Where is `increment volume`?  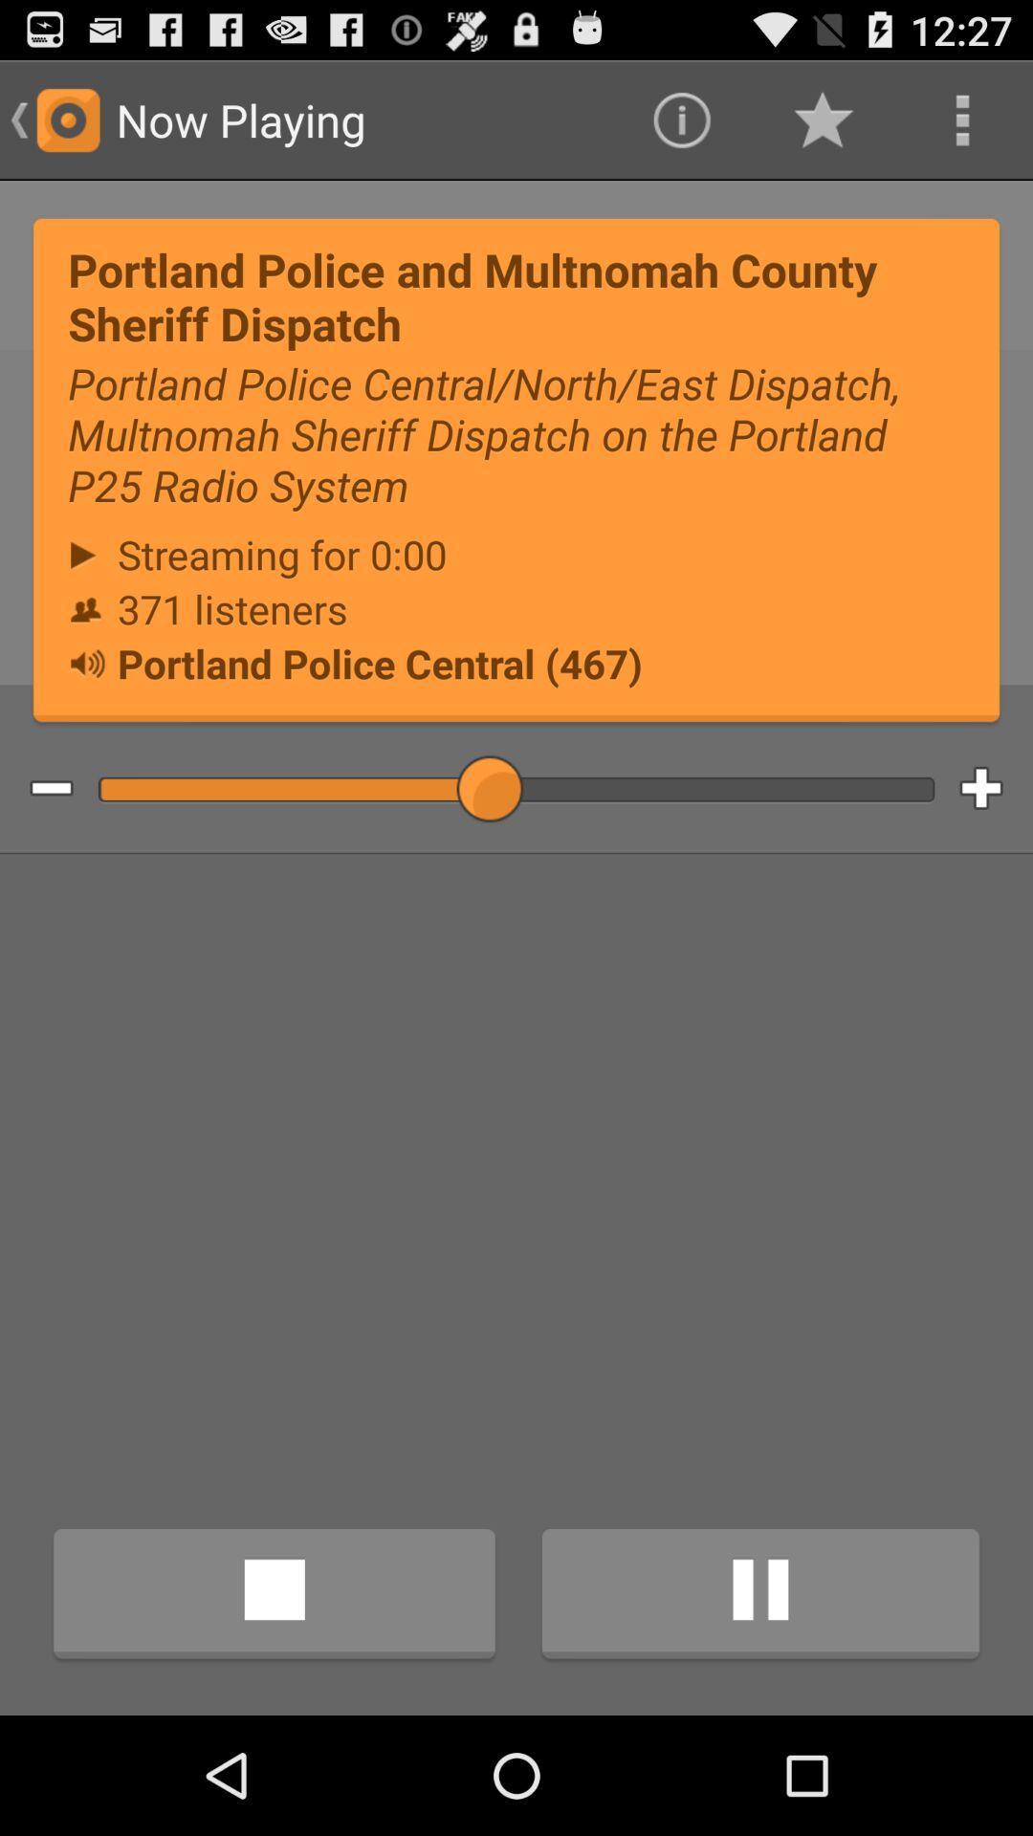
increment volume is located at coordinates (995, 789).